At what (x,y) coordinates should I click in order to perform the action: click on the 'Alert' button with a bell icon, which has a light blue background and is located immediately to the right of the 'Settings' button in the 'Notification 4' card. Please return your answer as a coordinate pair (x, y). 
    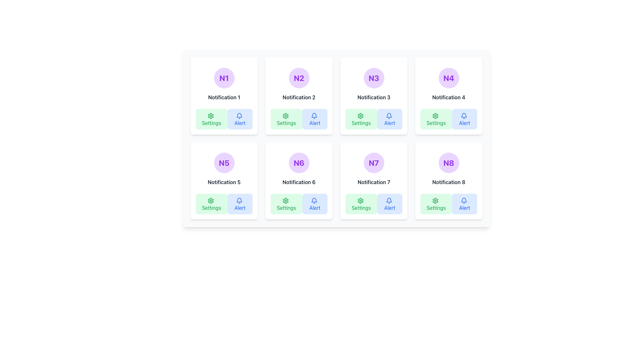
    Looking at the image, I should click on (464, 119).